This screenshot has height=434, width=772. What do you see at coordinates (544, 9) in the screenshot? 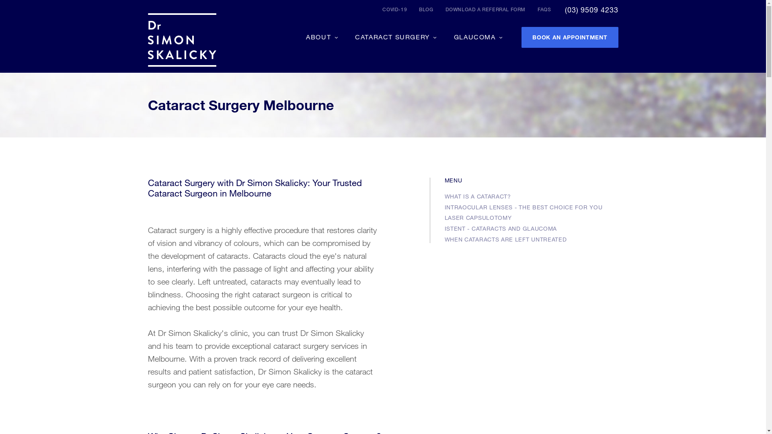
I see `'FAQS'` at bounding box center [544, 9].